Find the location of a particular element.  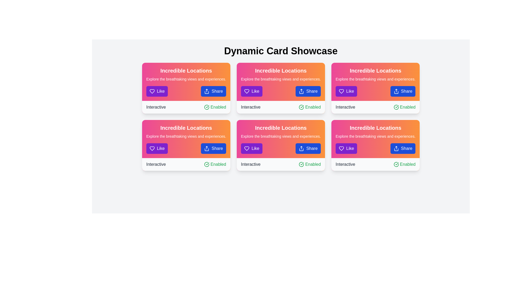

the 'Like' button on the fourth card in the first column of the second row, which has a gradient background and features white rounded corners is located at coordinates (186, 145).